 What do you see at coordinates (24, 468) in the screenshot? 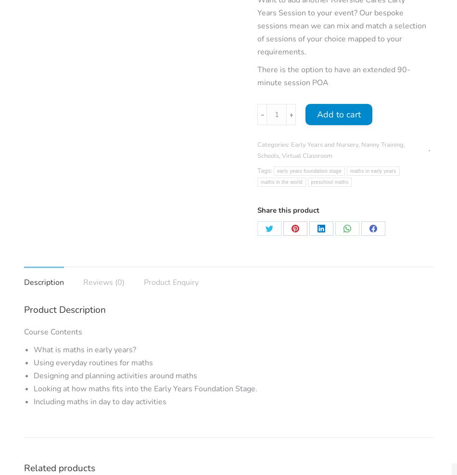
I see `'Related products'` at bounding box center [24, 468].